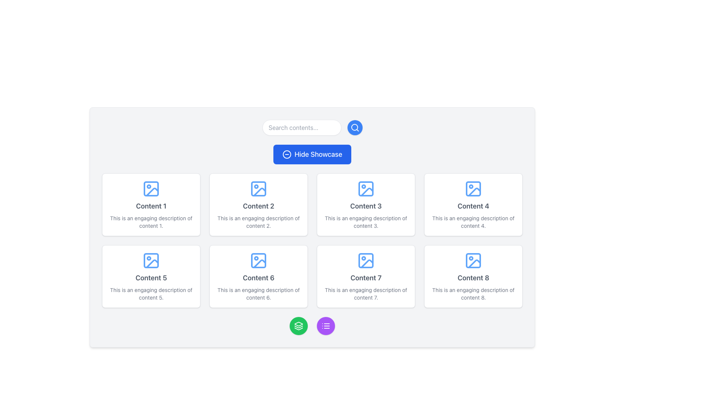 The height and width of the screenshot is (408, 726). Describe the element at coordinates (366, 260) in the screenshot. I see `the blue image thumbnail icon located in the grid item labeled 'Content 7', which features a rectangular outline with rounded corners and is centered above the text elements` at that location.